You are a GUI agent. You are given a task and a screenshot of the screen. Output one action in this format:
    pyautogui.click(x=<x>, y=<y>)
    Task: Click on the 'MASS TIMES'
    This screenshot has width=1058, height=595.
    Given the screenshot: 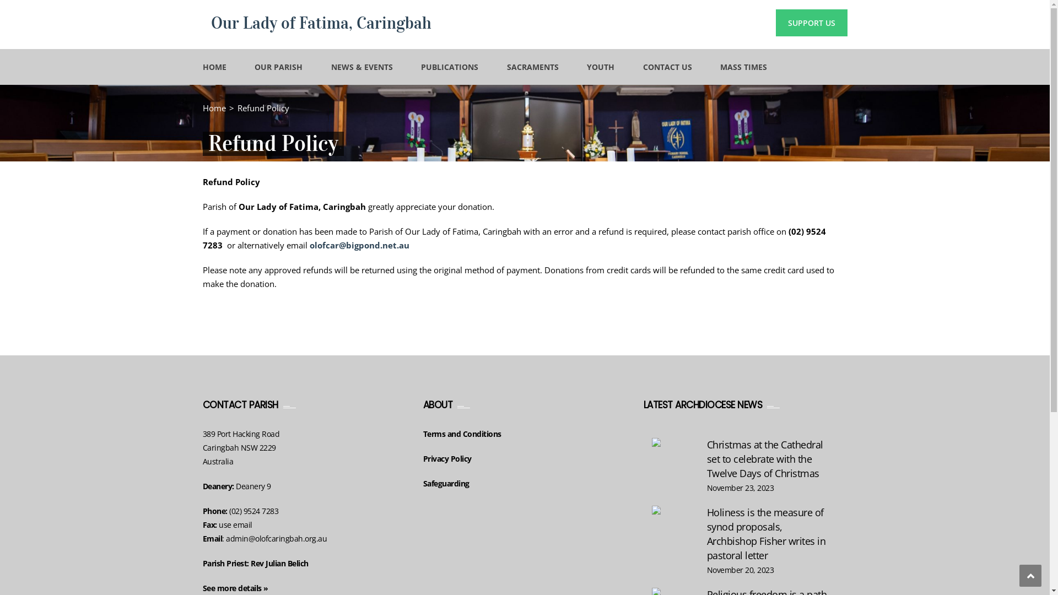 What is the action you would take?
    pyautogui.click(x=743, y=67)
    